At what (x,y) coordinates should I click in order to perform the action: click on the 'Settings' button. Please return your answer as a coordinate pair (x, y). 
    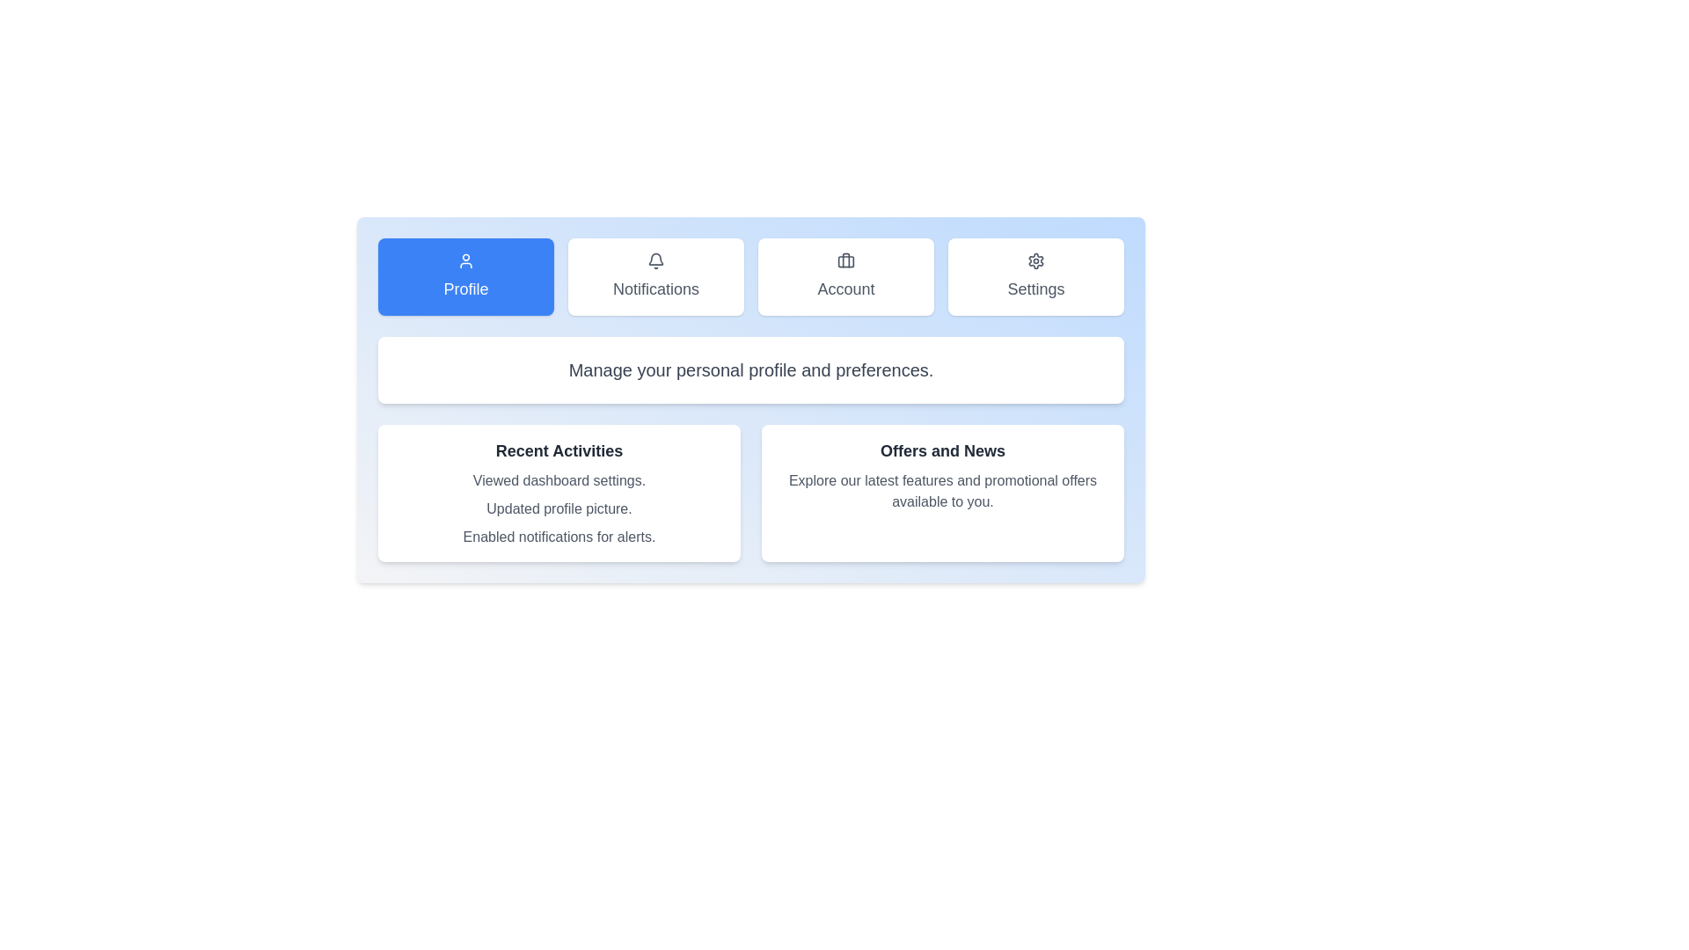
    Looking at the image, I should click on (1035, 277).